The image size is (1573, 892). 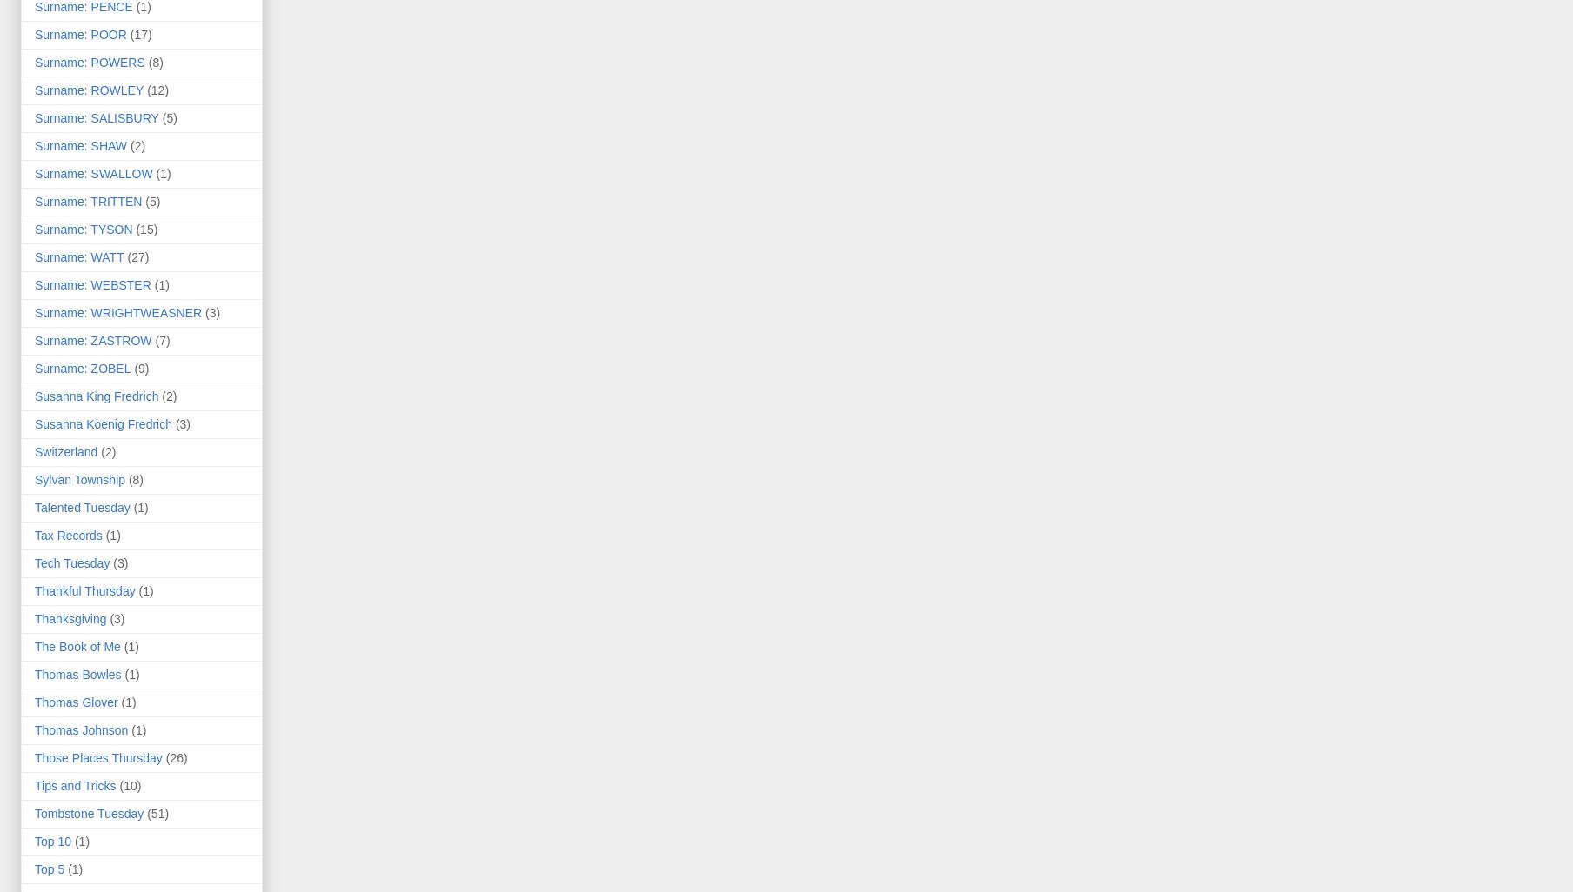 I want to click on 'Talented Tuesday', so click(x=81, y=506).